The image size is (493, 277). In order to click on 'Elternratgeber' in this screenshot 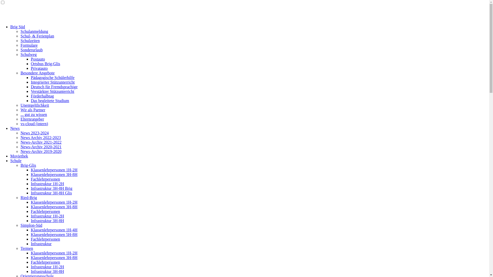, I will do `click(32, 119)`.